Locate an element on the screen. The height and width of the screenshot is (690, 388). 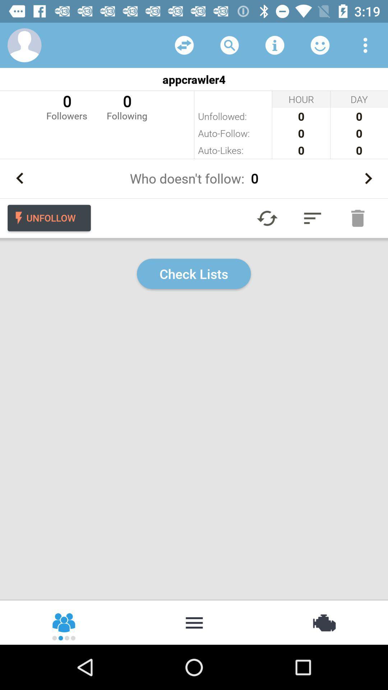
settings is located at coordinates (365, 45).